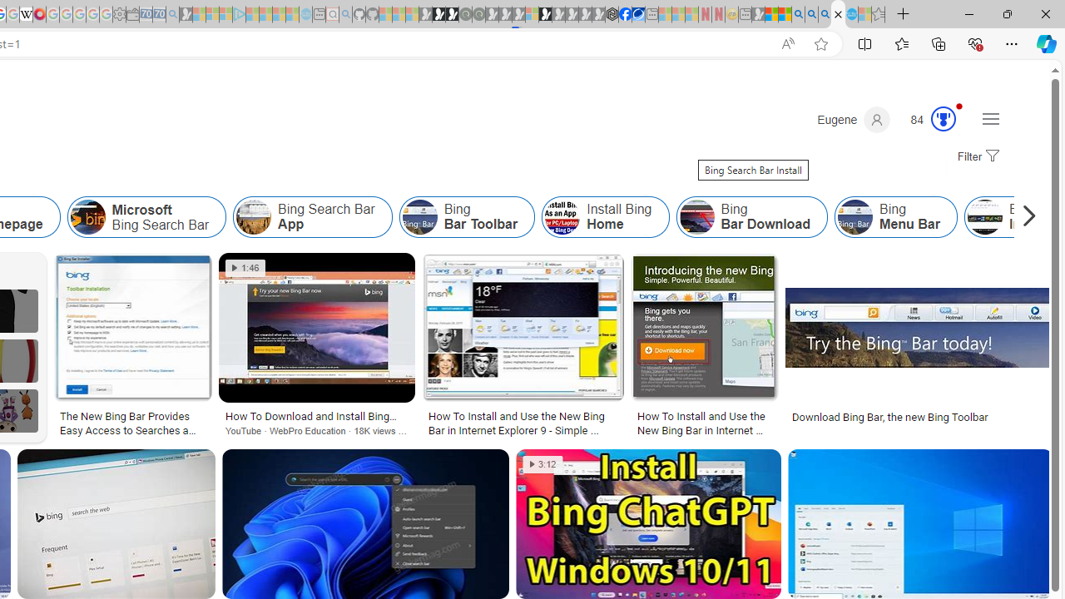  Describe the element at coordinates (811, 14) in the screenshot. I see `'2009 Bing officially replaced Live Search on June 3 - Search'` at that location.